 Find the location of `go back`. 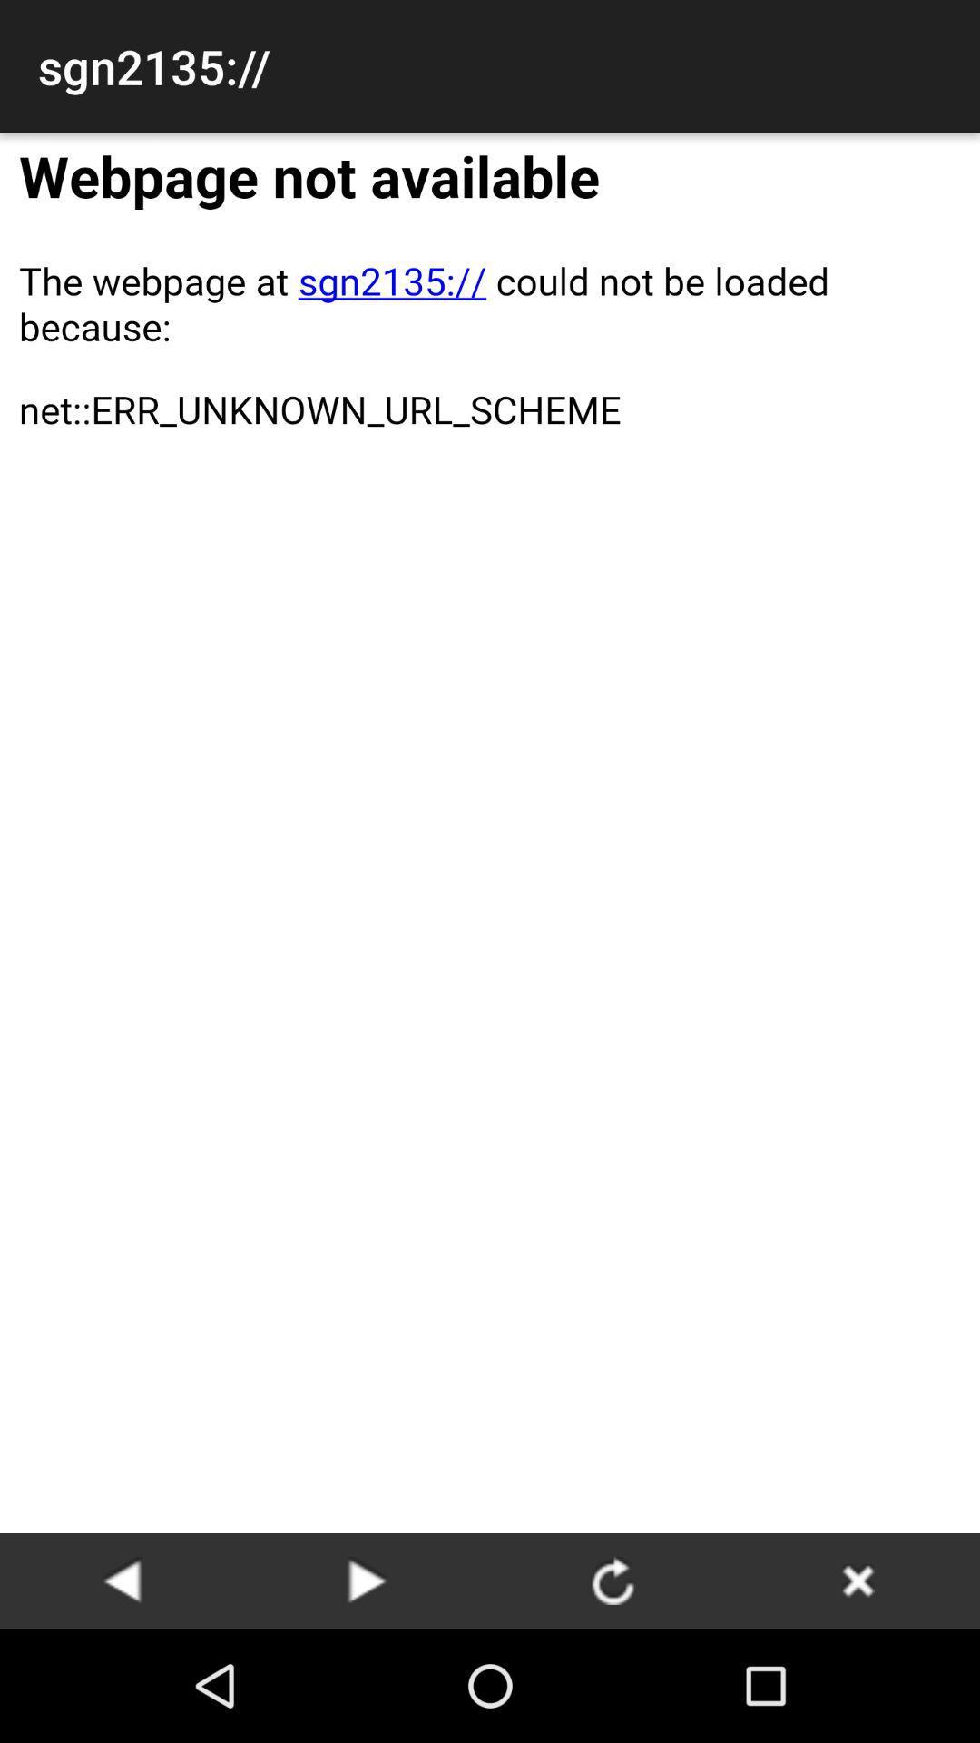

go back is located at coordinates (122, 1580).